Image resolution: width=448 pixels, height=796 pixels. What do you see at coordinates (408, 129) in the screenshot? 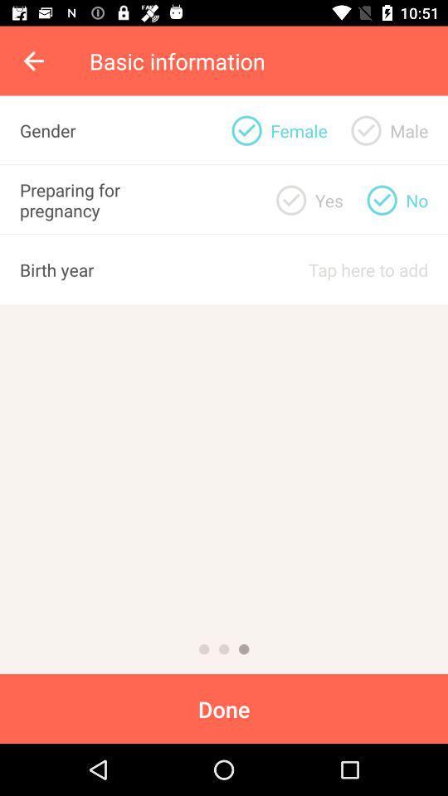
I see `item below the basic information item` at bounding box center [408, 129].